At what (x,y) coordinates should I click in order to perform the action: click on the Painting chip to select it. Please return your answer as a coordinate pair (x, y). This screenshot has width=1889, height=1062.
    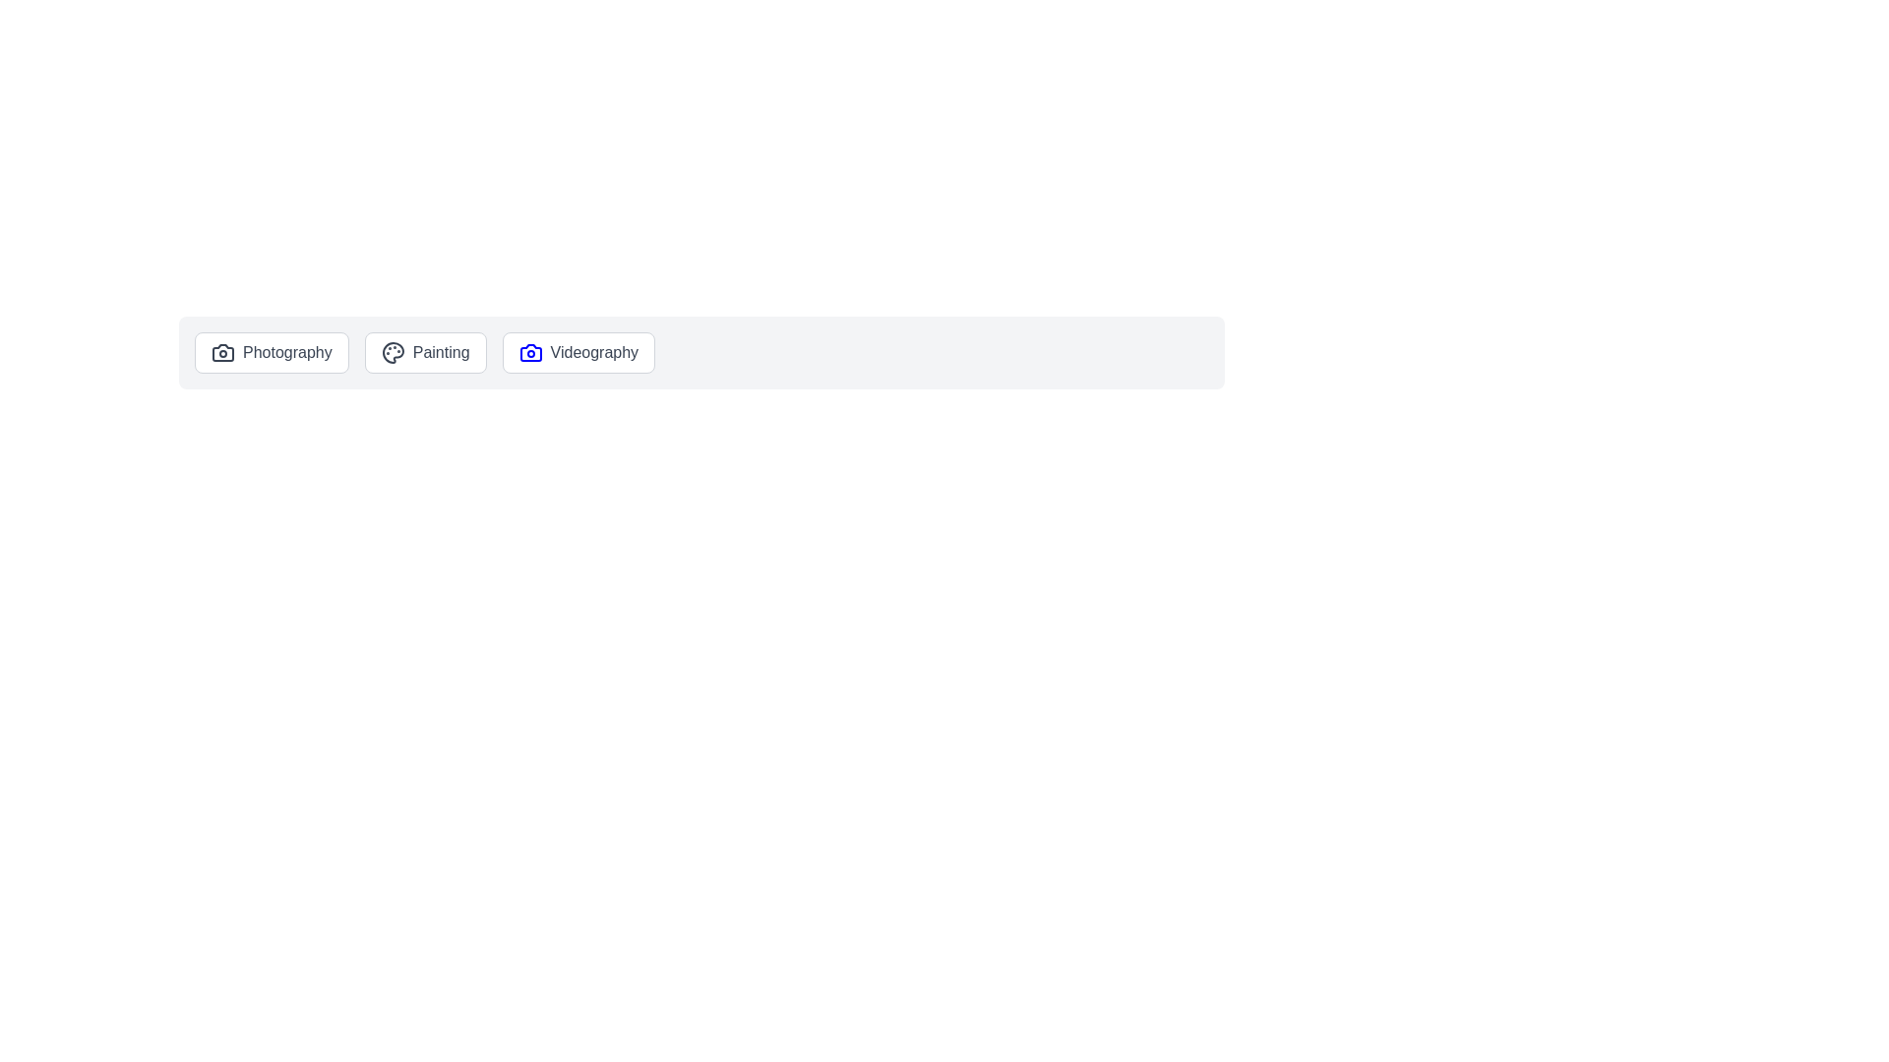
    Looking at the image, I should click on (424, 351).